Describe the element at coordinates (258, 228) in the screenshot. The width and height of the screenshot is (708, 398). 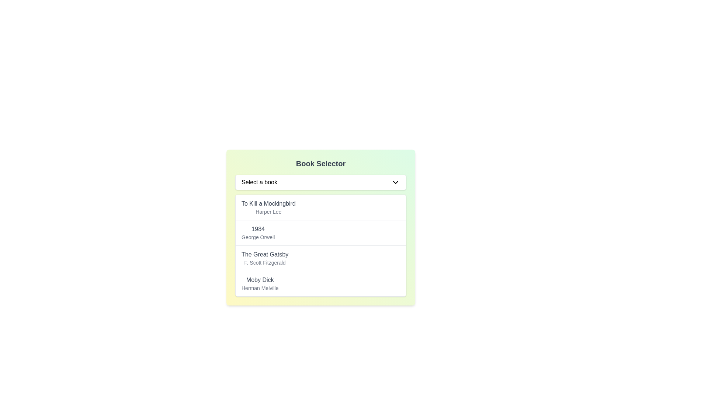
I see `the surrounding list item` at that location.